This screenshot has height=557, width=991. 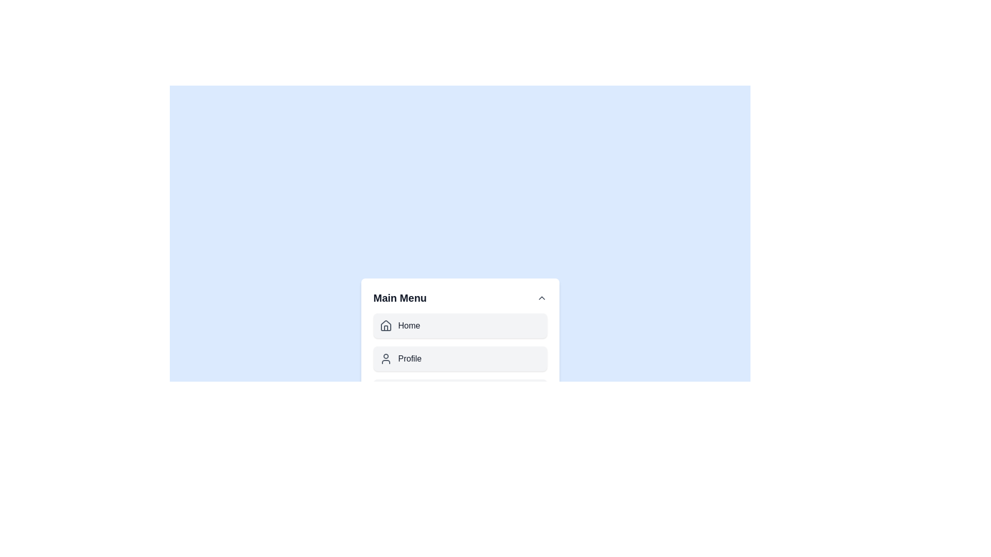 What do you see at coordinates (459, 358) in the screenshot?
I see `the menu item Profile` at bounding box center [459, 358].